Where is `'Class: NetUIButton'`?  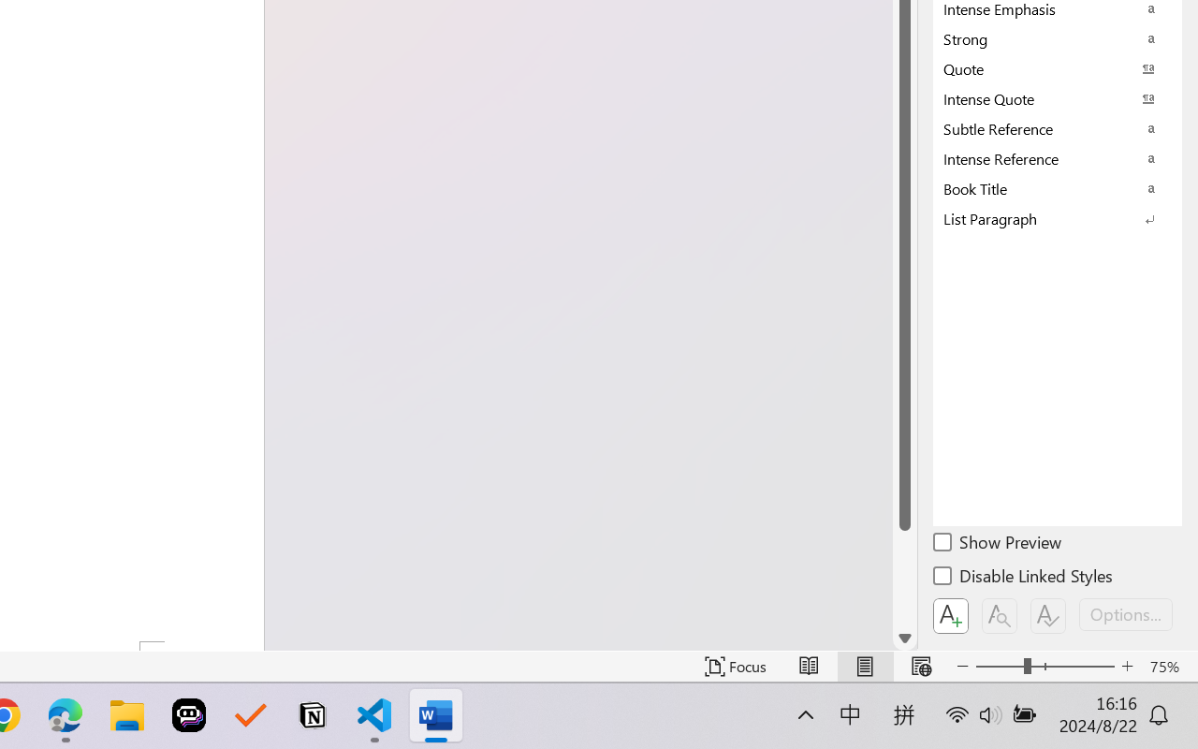 'Class: NetUIButton' is located at coordinates (1048, 615).